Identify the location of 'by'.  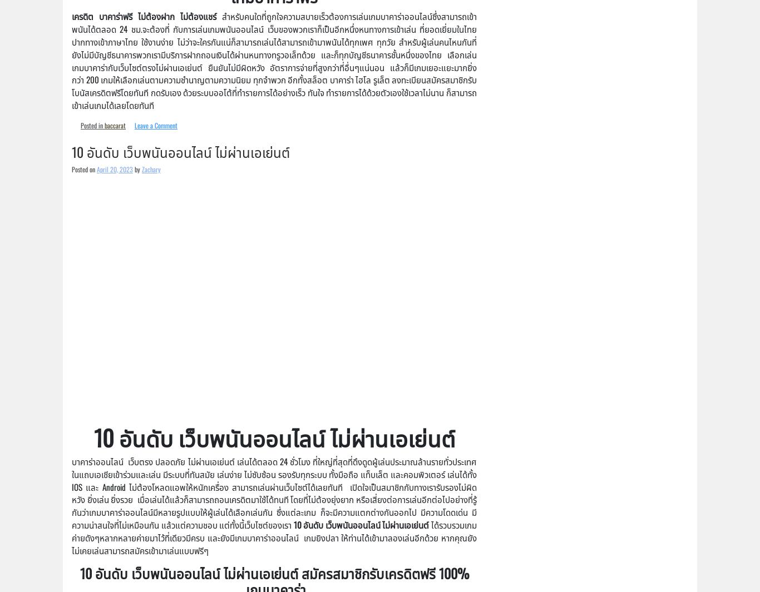
(137, 168).